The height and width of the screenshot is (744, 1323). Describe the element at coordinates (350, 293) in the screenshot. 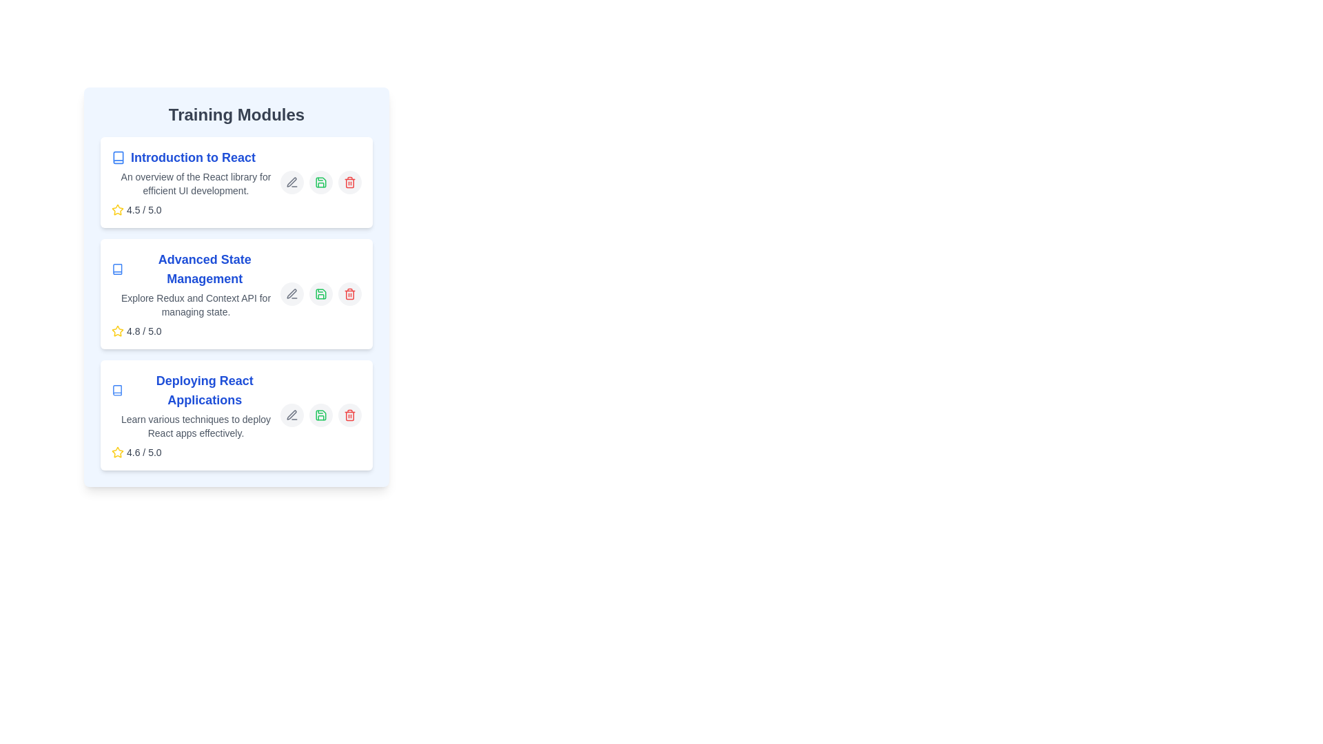

I see `the red trash bin icon, which is the third icon from the right in the horizontal group of action icons located in the bottom-right corner of the second training module titled 'Advanced State Management'` at that location.